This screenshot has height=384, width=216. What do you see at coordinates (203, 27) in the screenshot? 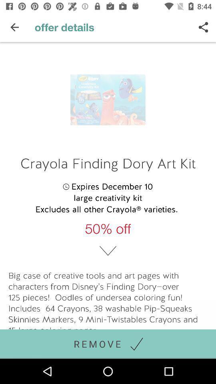
I see `the icon above the crayola finding dory` at bounding box center [203, 27].